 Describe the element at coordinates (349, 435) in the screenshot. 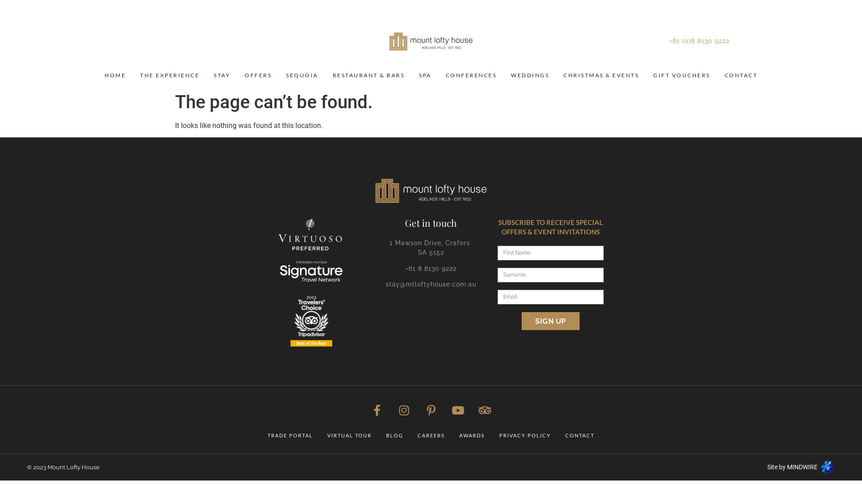

I see `'VIRTUAL TOUR'` at that location.